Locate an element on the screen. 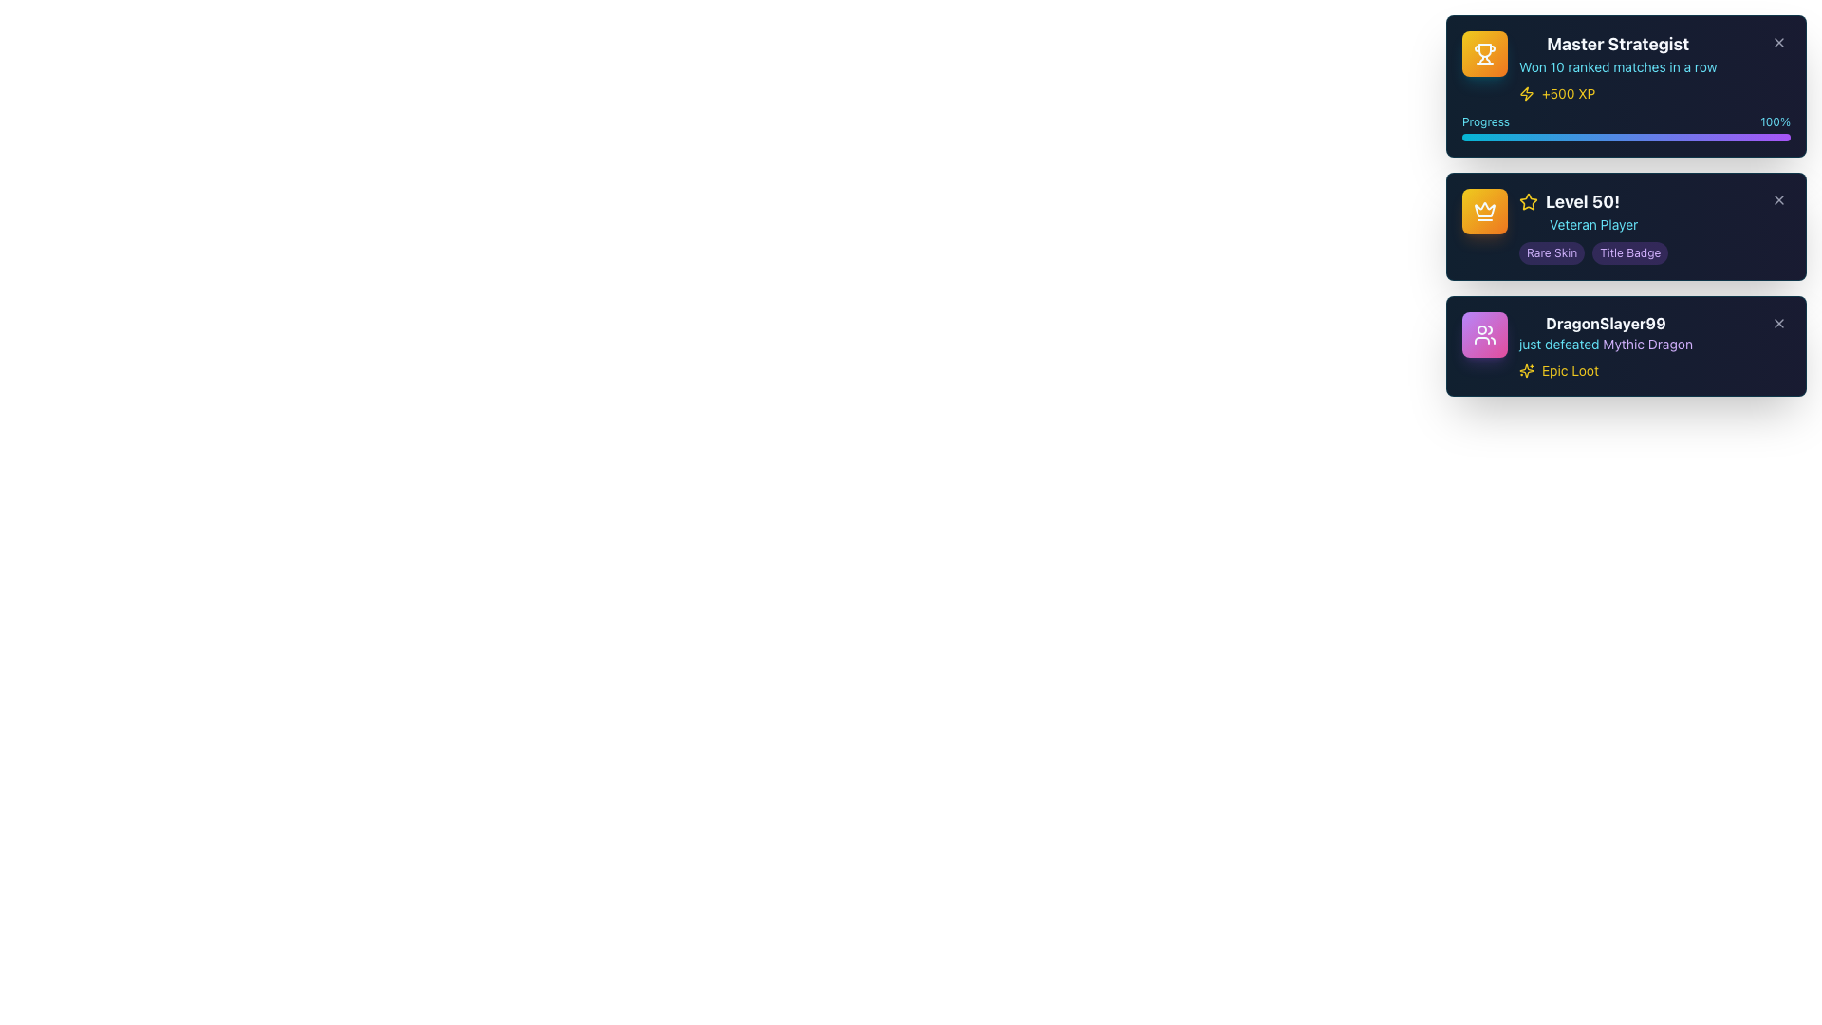 This screenshot has height=1025, width=1822. the lightning bolt icon representing a boost or bonus, located to the left of the '+500 XP' text in the vertical notification card at the top-right corner of the interface is located at coordinates (1526, 94).